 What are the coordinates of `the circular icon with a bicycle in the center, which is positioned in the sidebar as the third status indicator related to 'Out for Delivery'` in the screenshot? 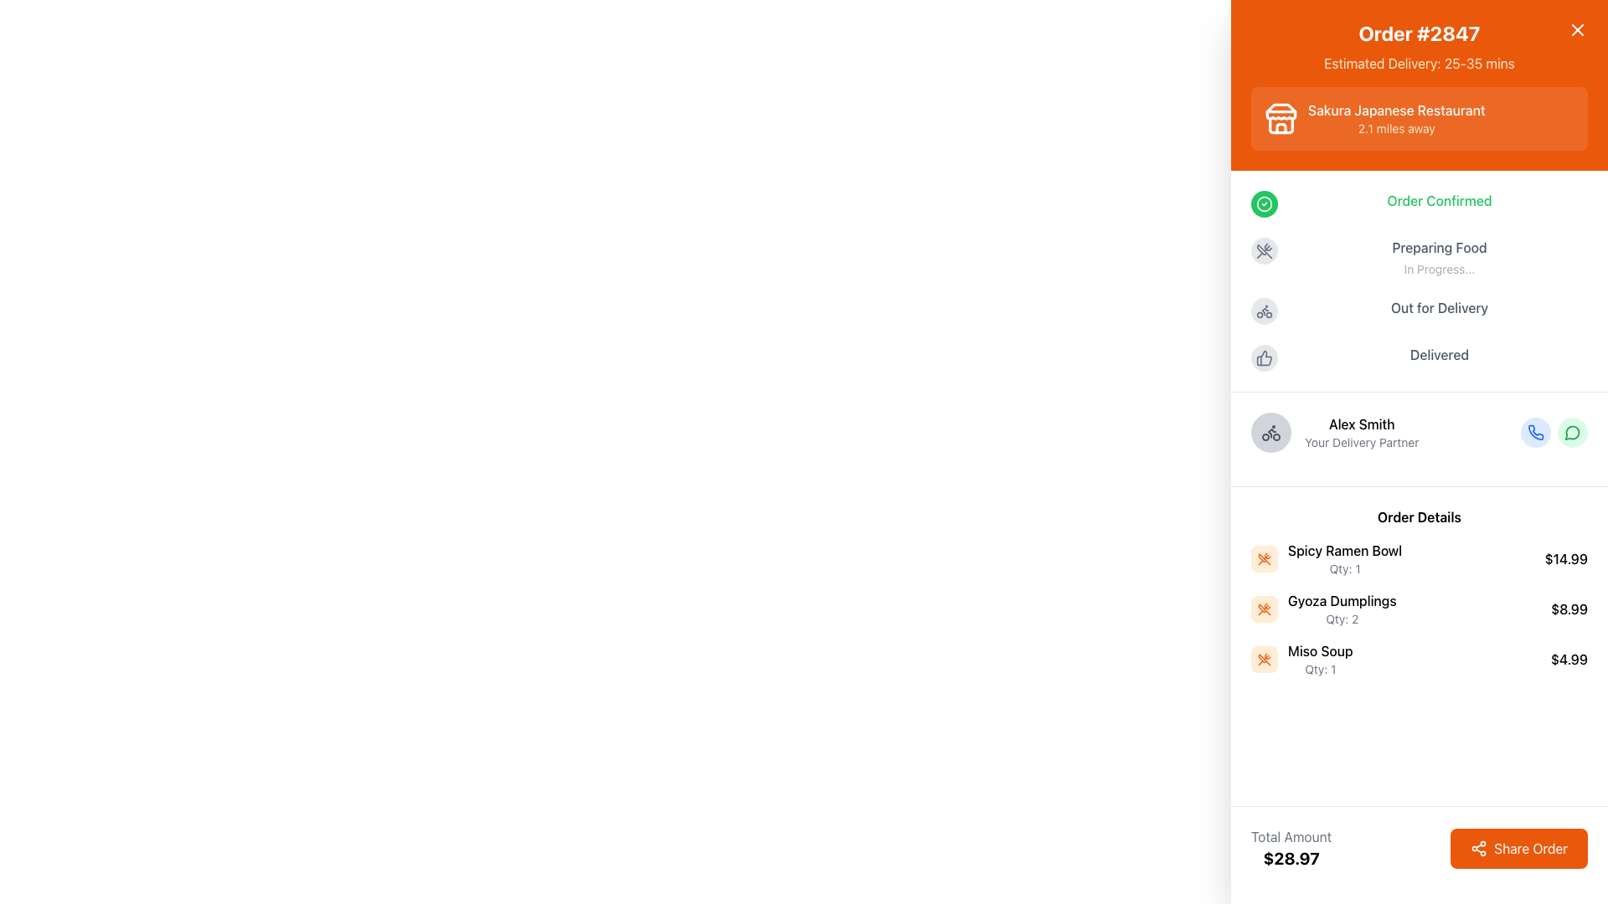 It's located at (1265, 311).